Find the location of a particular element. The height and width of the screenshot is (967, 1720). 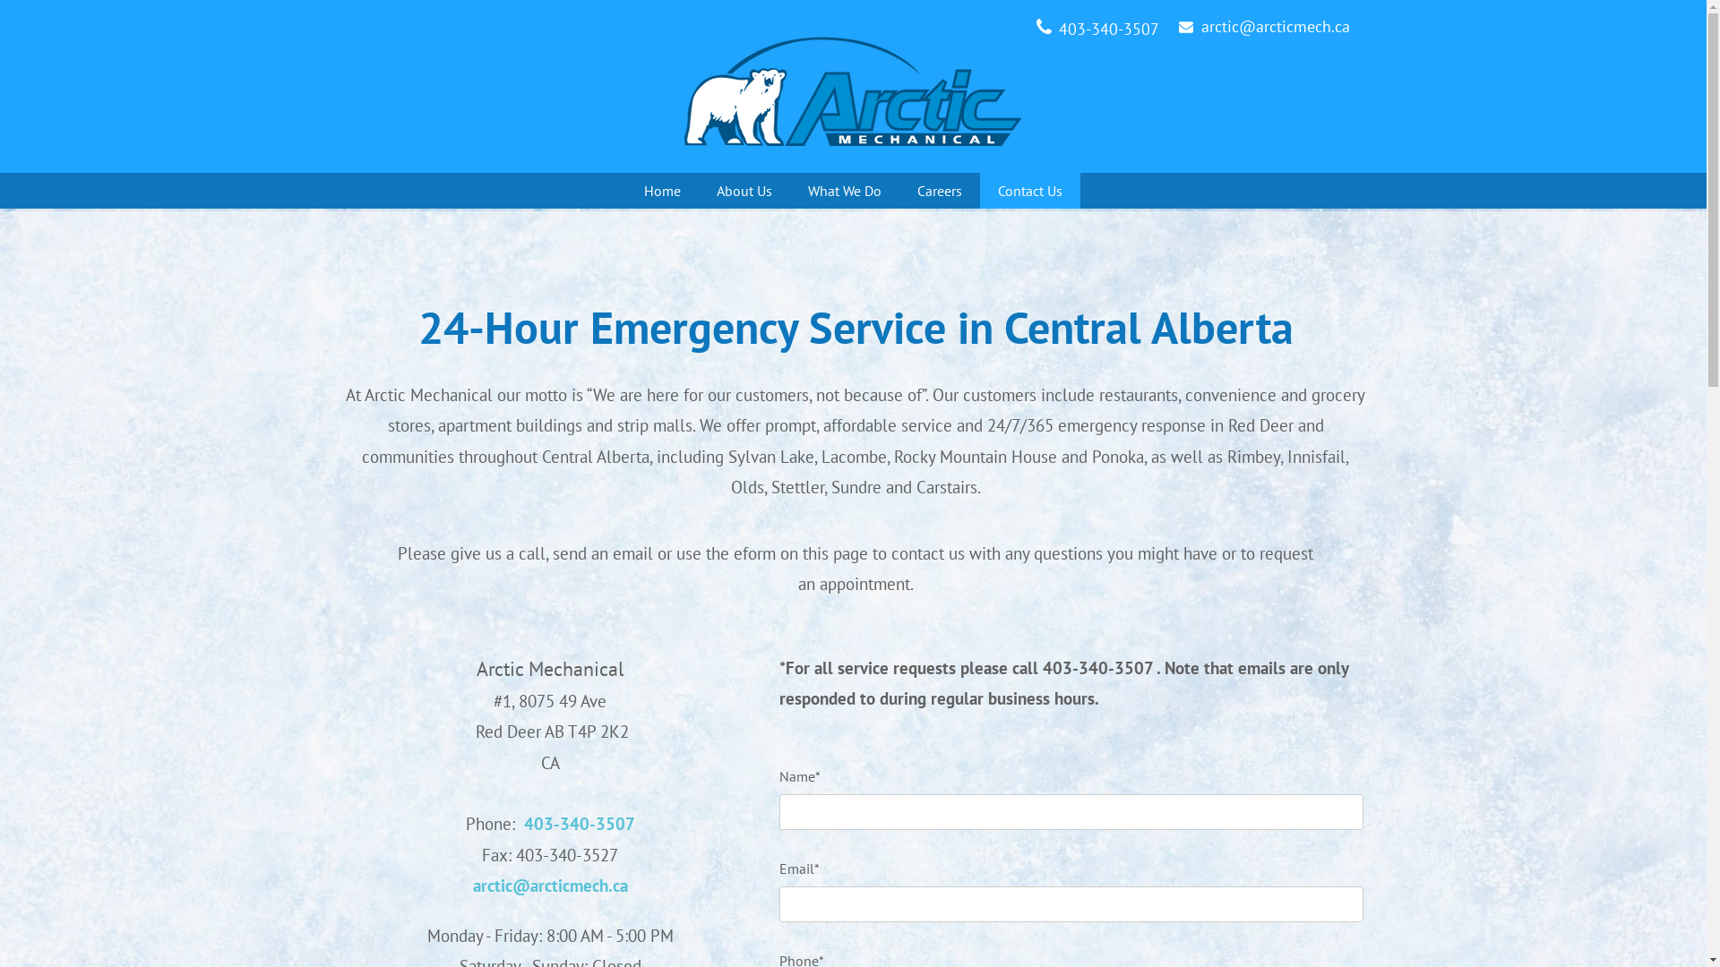

'Contact Us' is located at coordinates (1030, 190).